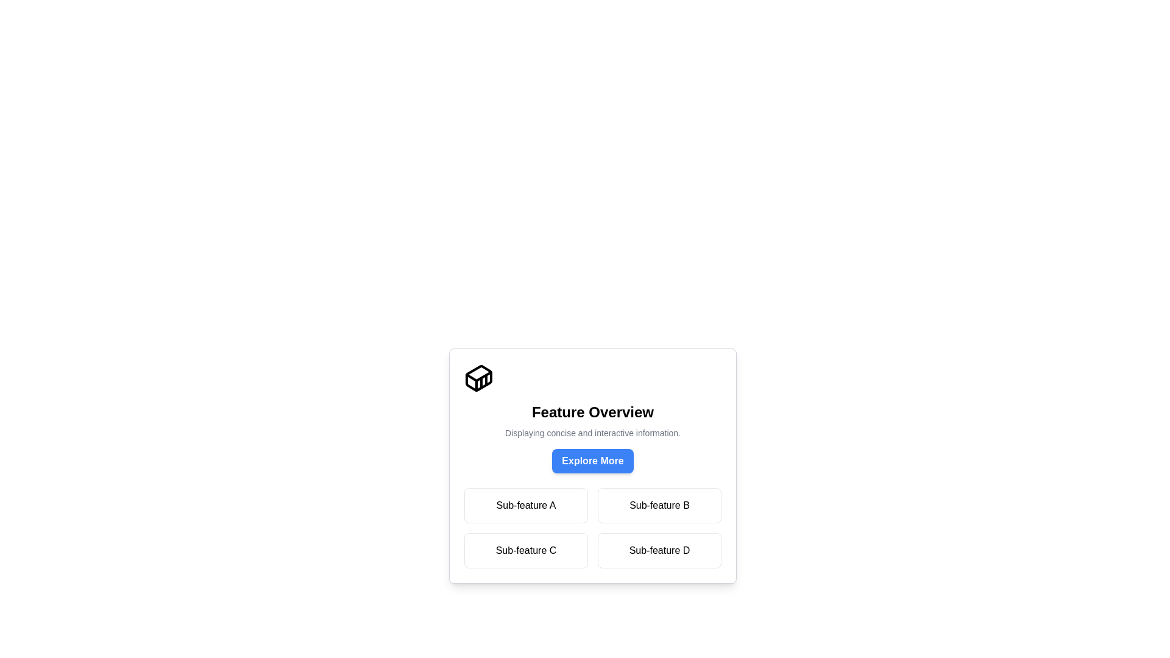 This screenshot has width=1170, height=658. I want to click on the static label with the text 'Sub-feature B' located in the second column of the first row within a 2x2 grid layout, below 'Feature Overview', so click(659, 505).